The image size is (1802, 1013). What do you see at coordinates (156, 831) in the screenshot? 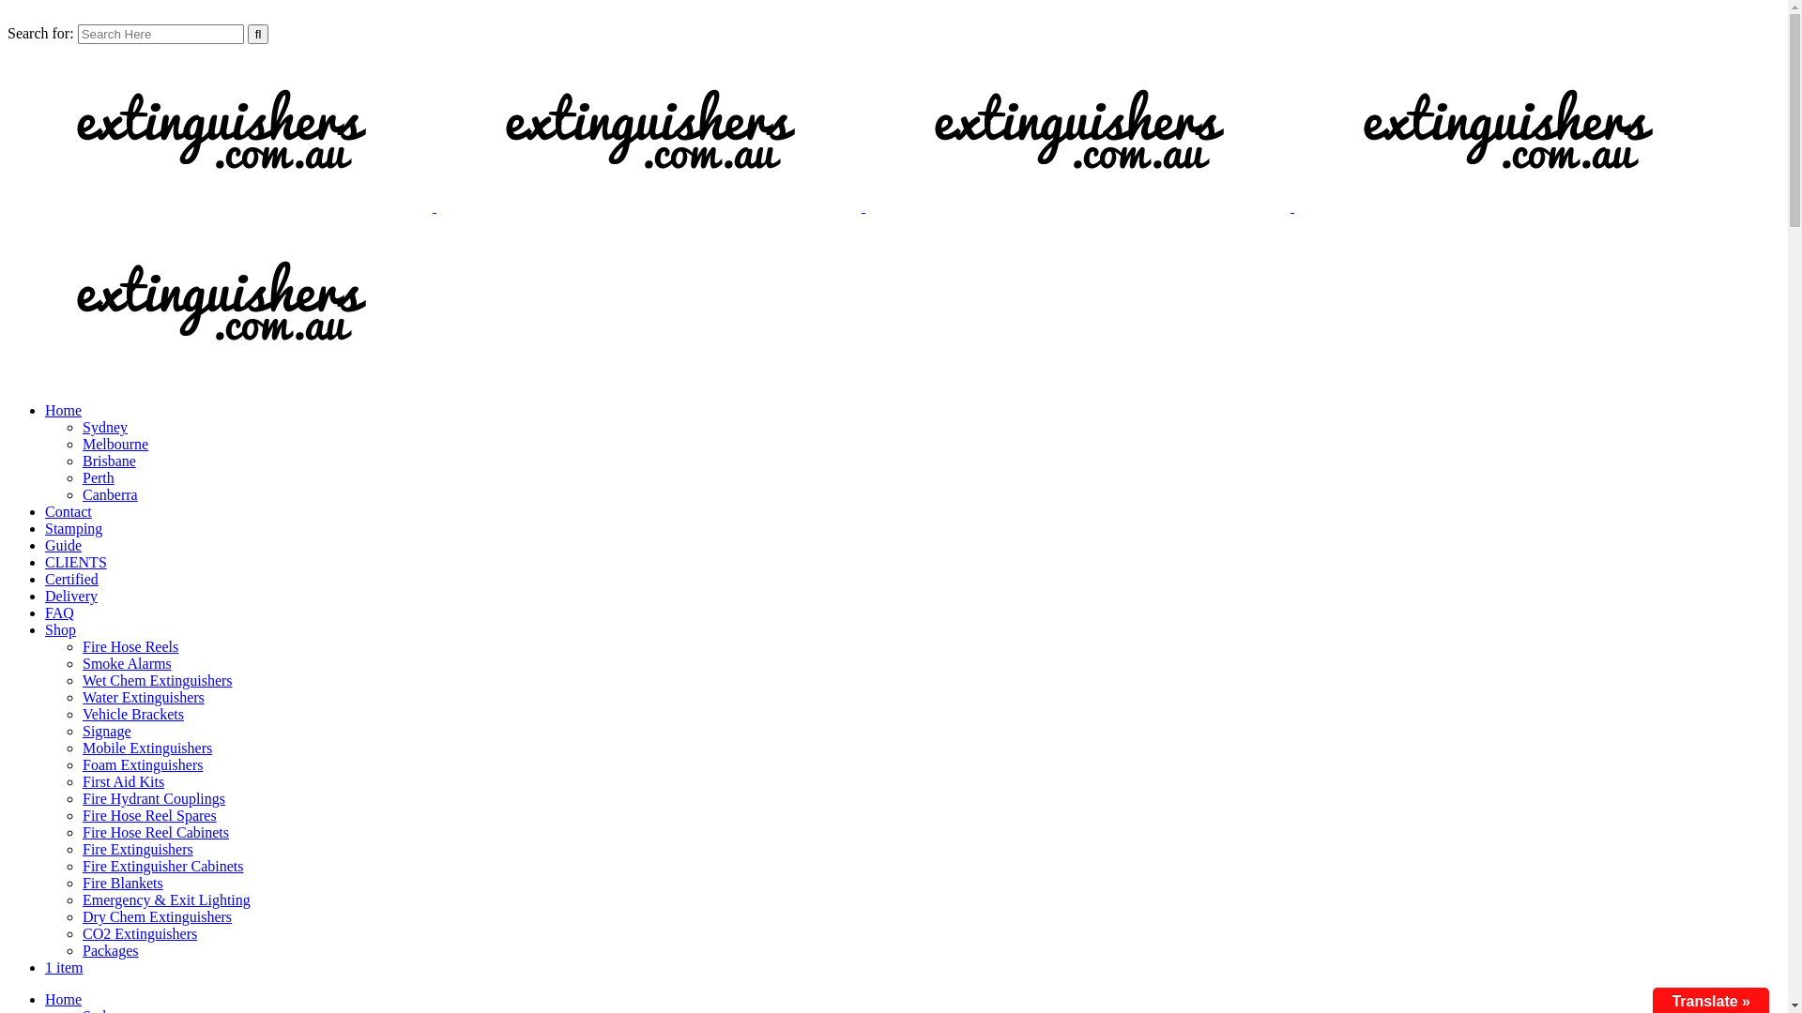
I see `'Fire Hose Reel Cabinets'` at bounding box center [156, 831].